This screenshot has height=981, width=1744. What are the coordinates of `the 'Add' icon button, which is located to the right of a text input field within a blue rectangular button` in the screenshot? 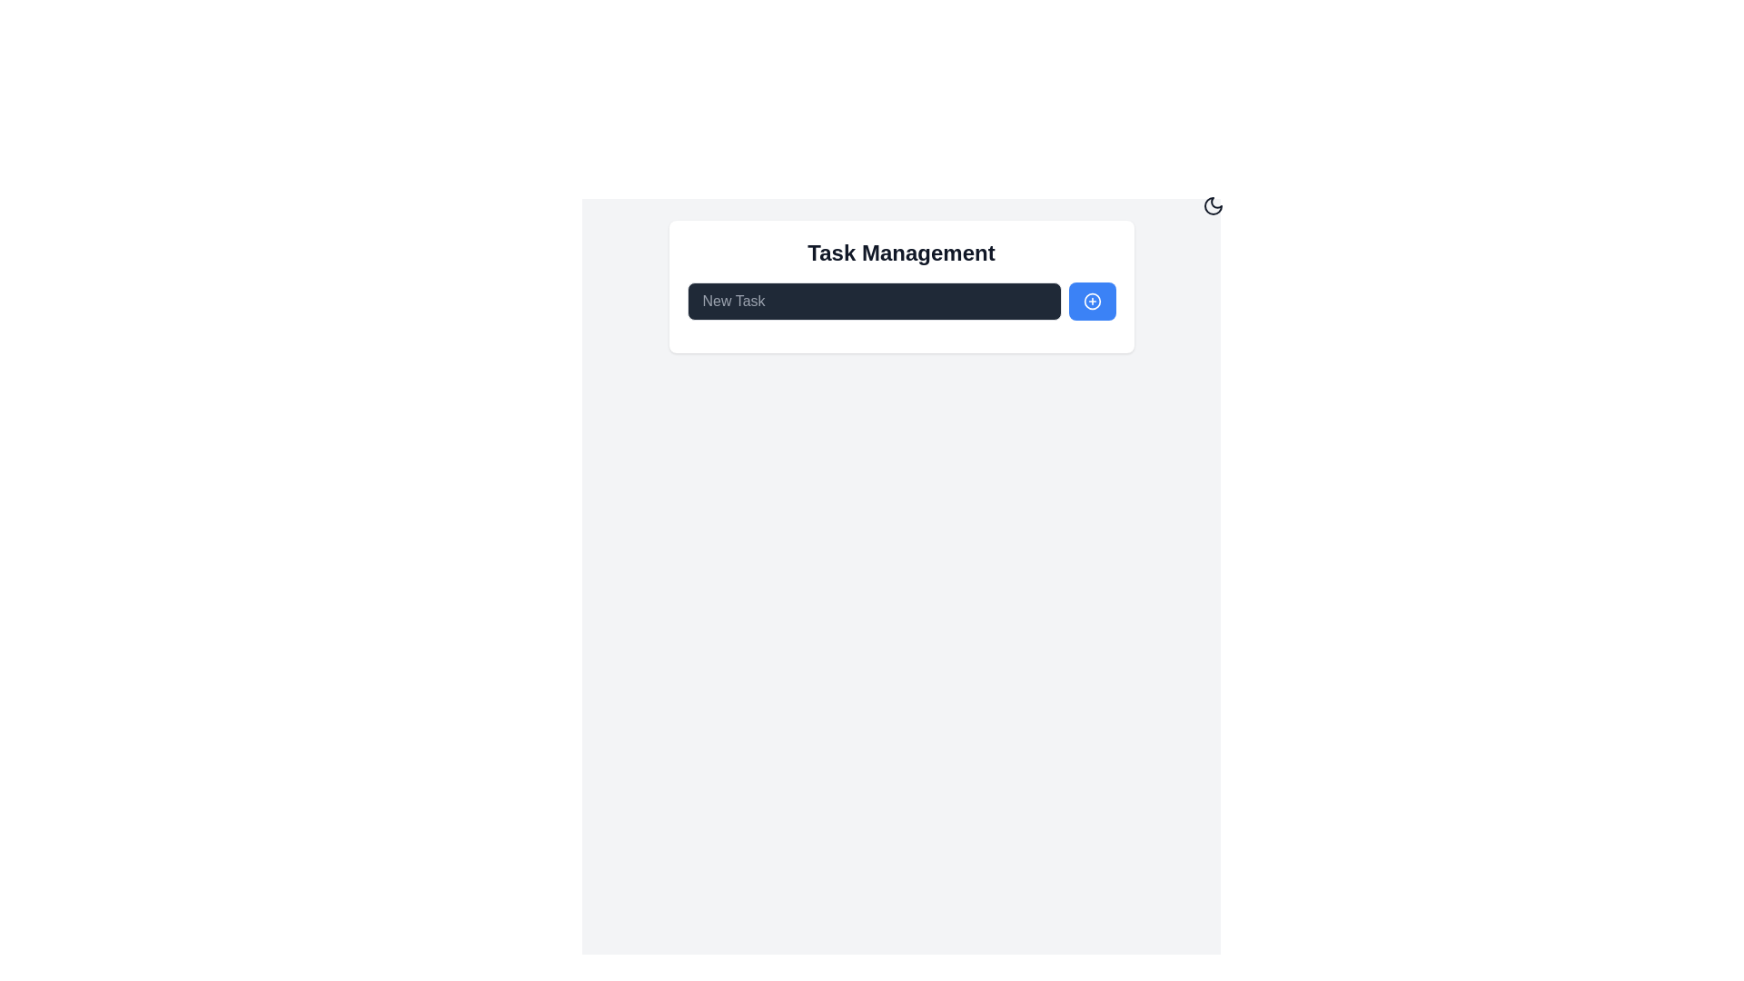 It's located at (1091, 300).